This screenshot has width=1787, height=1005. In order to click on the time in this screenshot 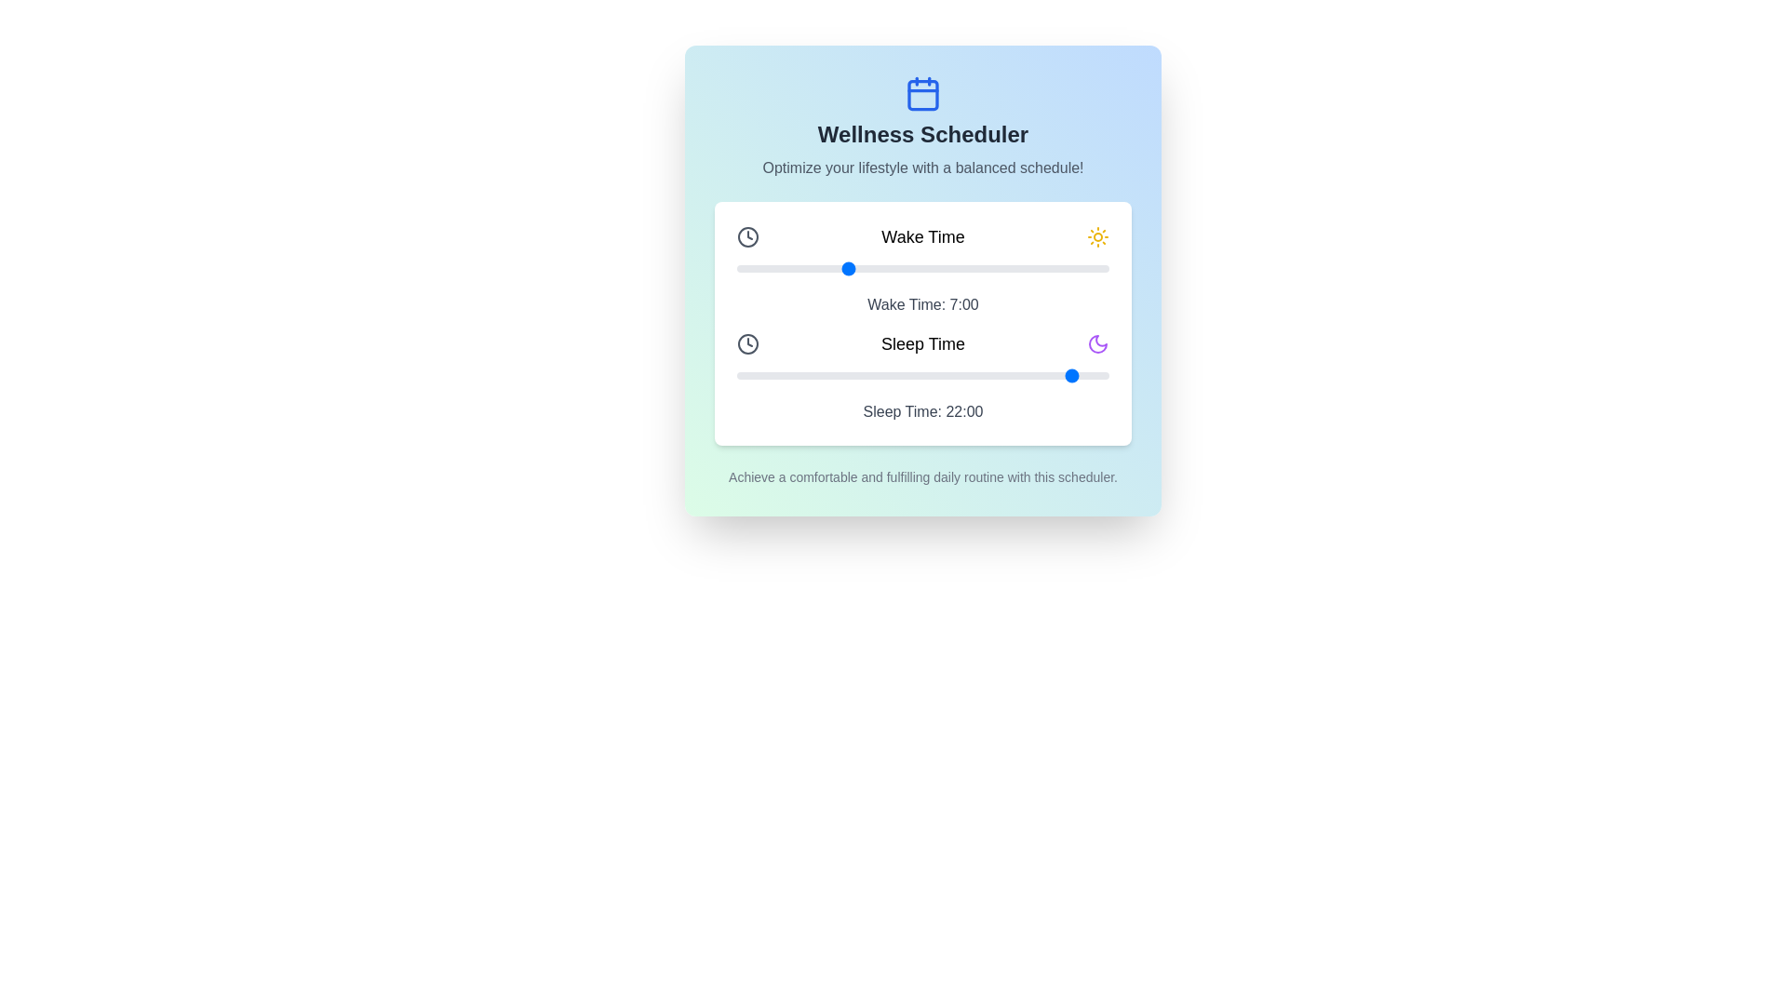, I will do `click(768, 376)`.